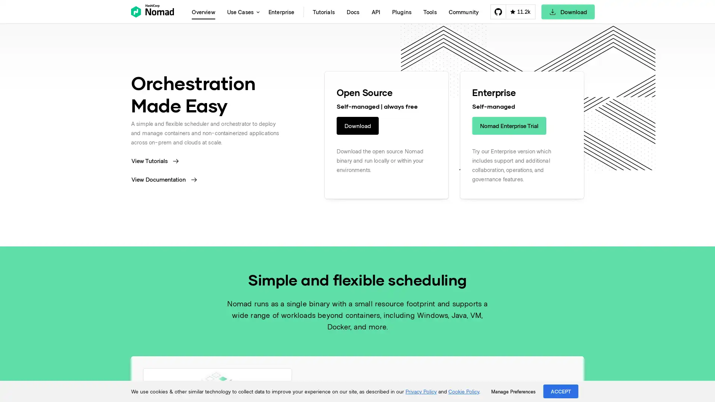 The width and height of the screenshot is (715, 402). What do you see at coordinates (561, 391) in the screenshot?
I see `ACCEPT` at bounding box center [561, 391].